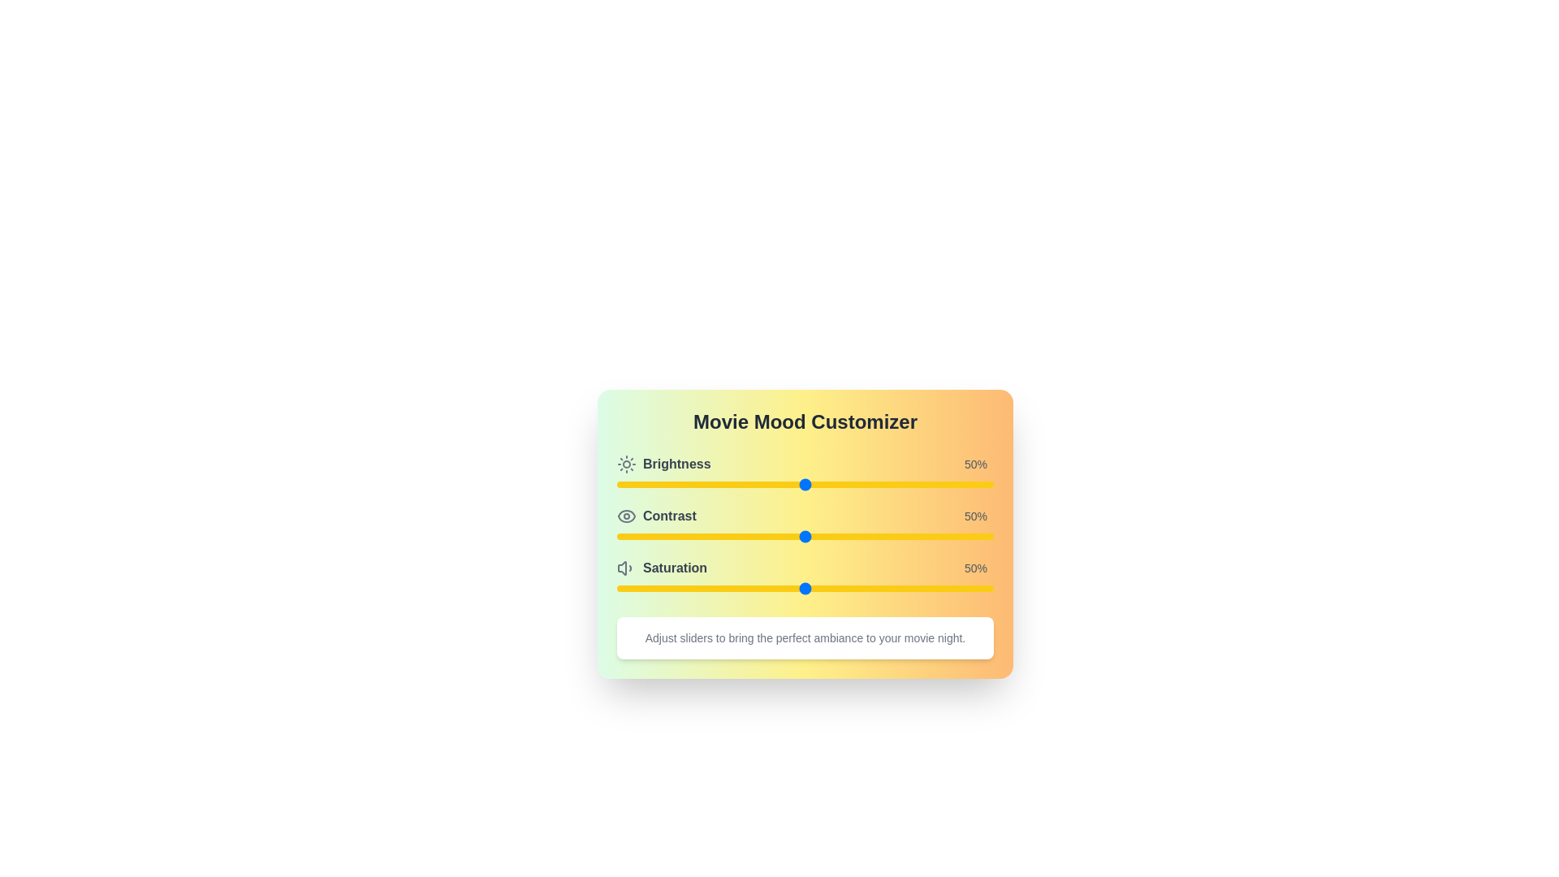  I want to click on brightness, so click(846, 484).